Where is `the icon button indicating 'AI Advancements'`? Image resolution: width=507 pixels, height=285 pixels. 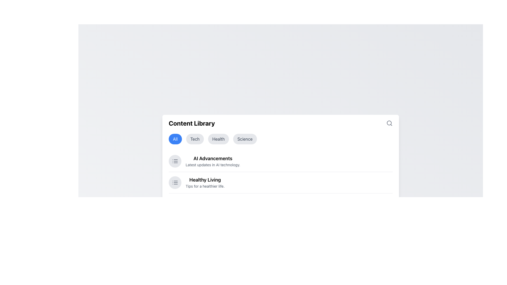 the icon button indicating 'AI Advancements' is located at coordinates (175, 161).